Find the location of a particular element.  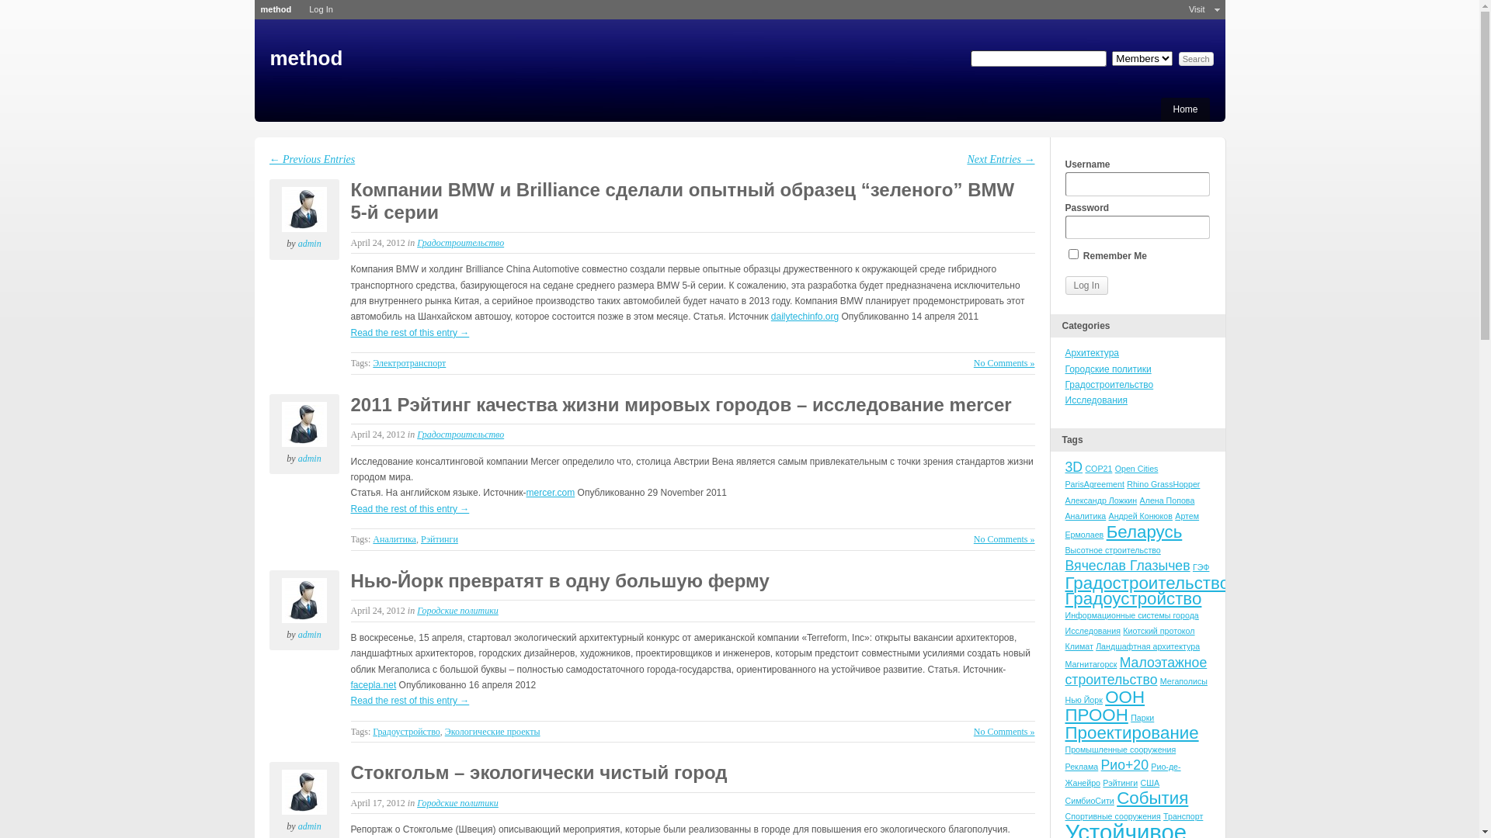

'mercer.com' is located at coordinates (526, 493).